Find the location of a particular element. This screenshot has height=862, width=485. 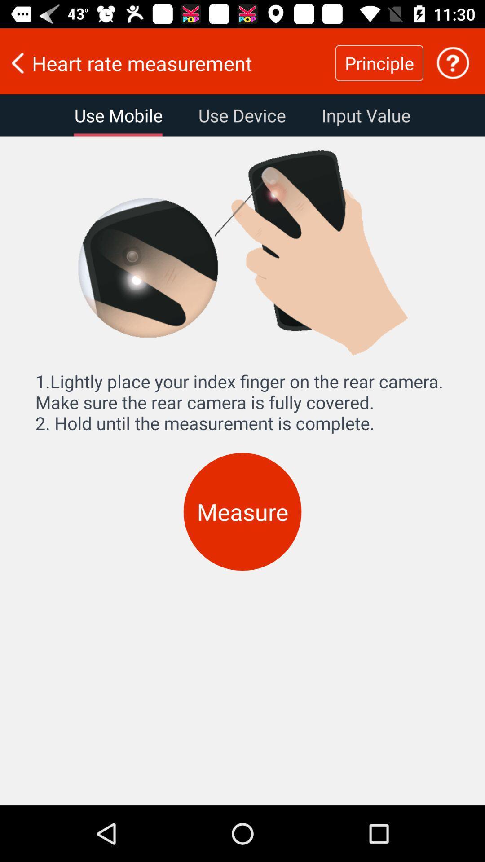

the principle item is located at coordinates (379, 62).